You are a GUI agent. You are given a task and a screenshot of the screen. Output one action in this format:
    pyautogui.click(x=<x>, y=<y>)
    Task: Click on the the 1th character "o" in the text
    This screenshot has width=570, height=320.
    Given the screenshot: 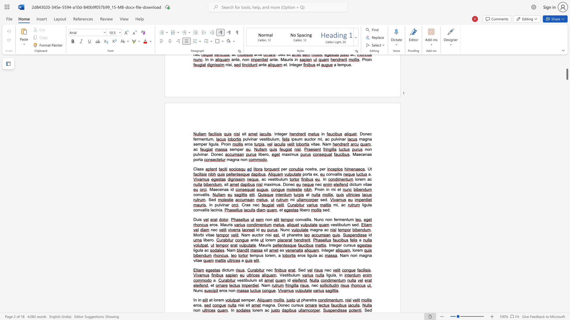 What is the action you would take?
    pyautogui.click(x=254, y=310)
    